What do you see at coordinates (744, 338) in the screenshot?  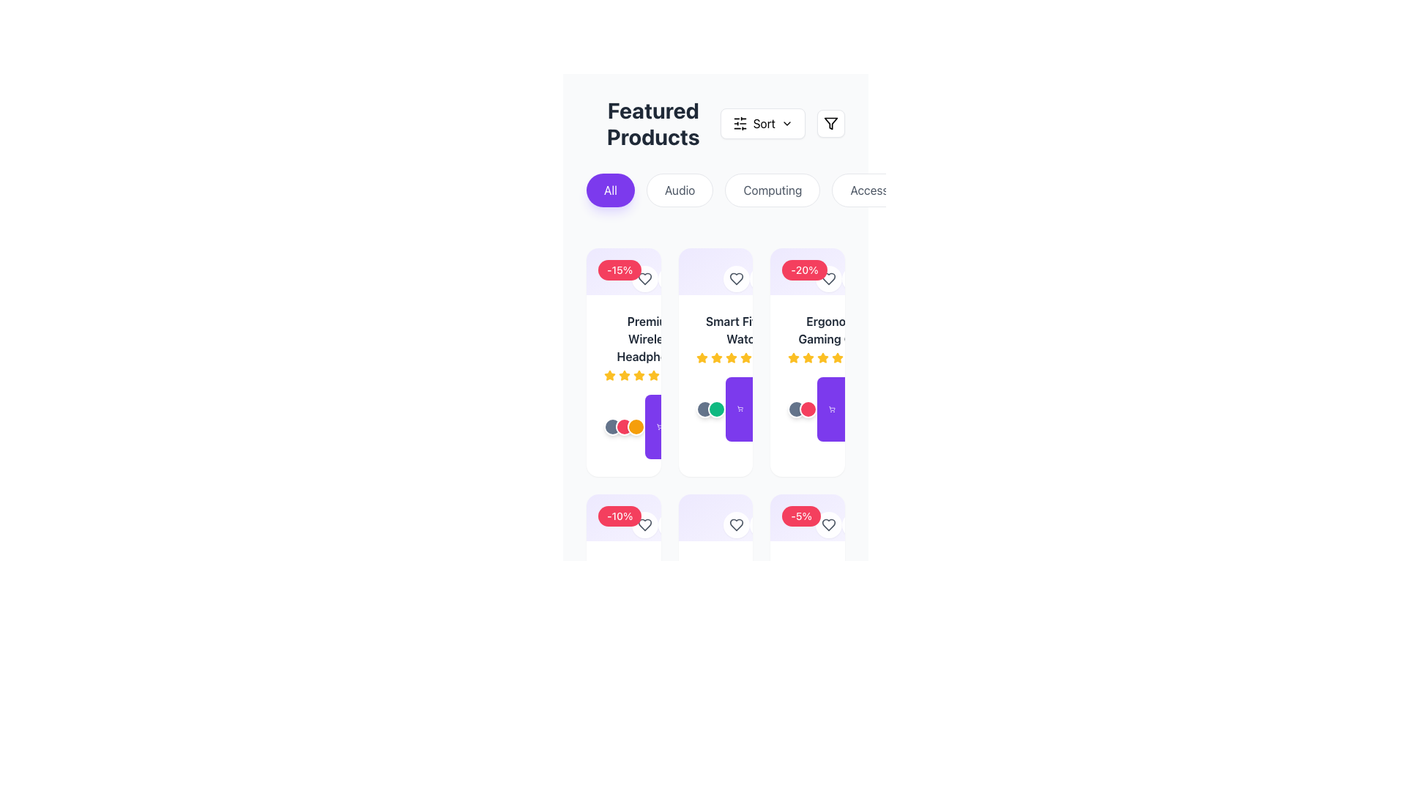 I see `the product title and rating indicator located in the second card of the 'Featured Products' section to emphasize it` at bounding box center [744, 338].